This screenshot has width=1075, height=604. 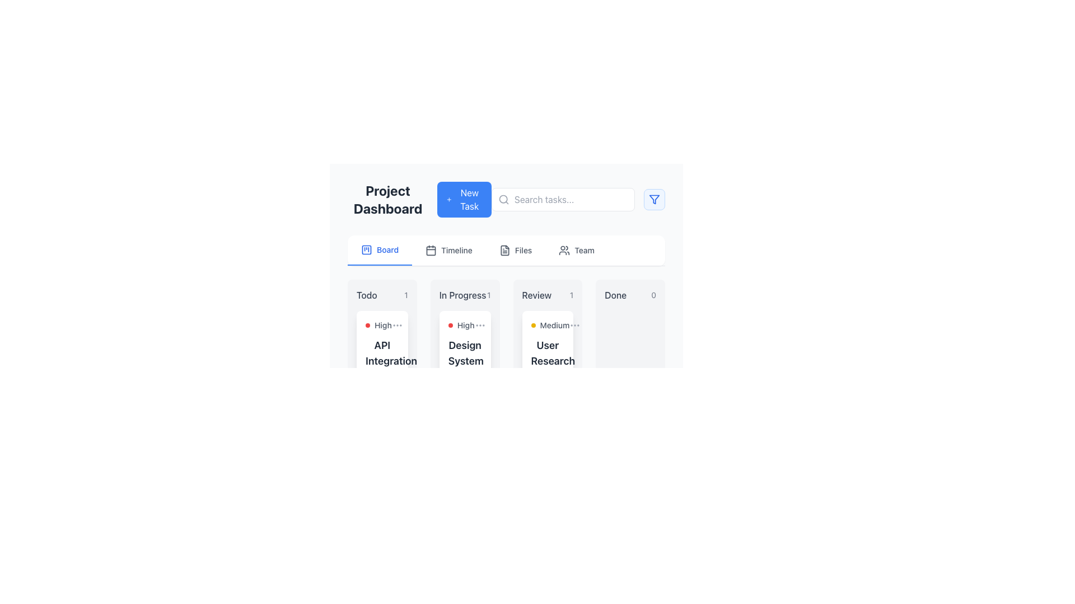 I want to click on the filter icon, which is a blue stylized funnel symbol located, so click(x=655, y=199).